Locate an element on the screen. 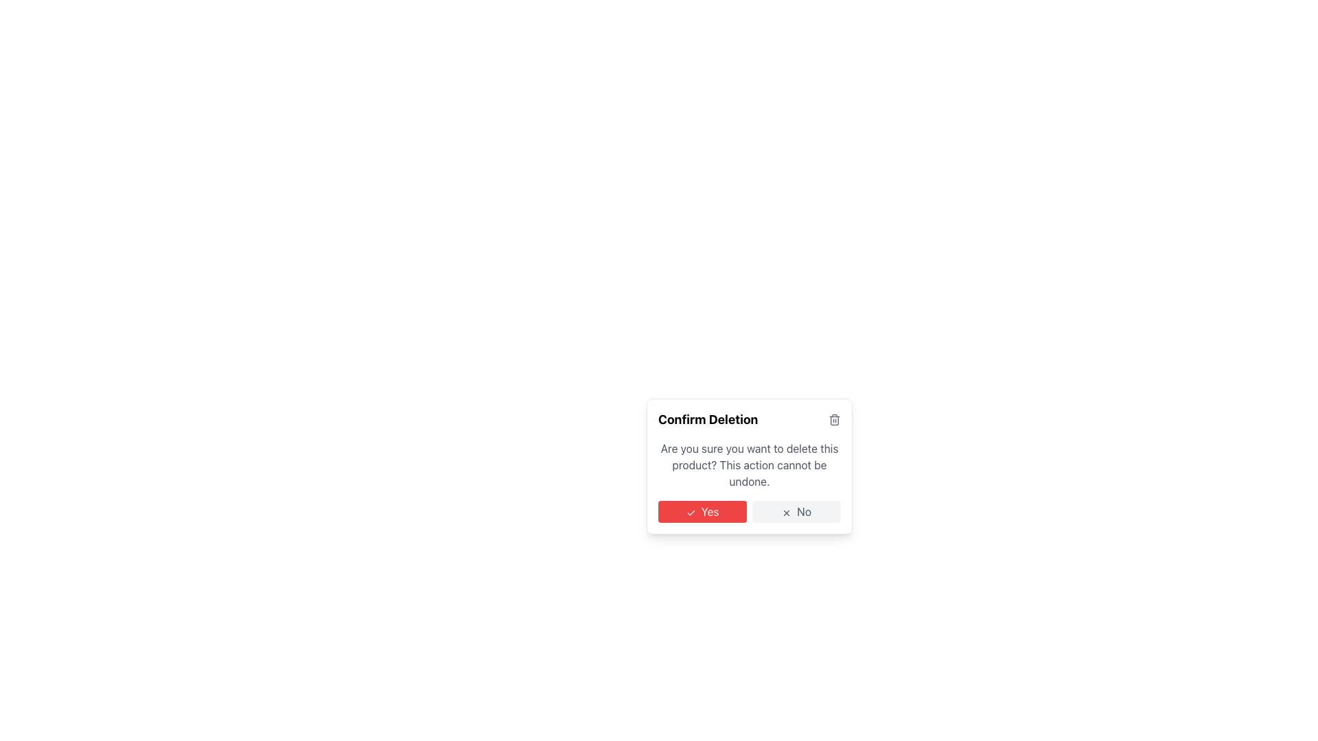  the confirmation button located at the bottom left of the confirmation dialog is located at coordinates (702, 511).